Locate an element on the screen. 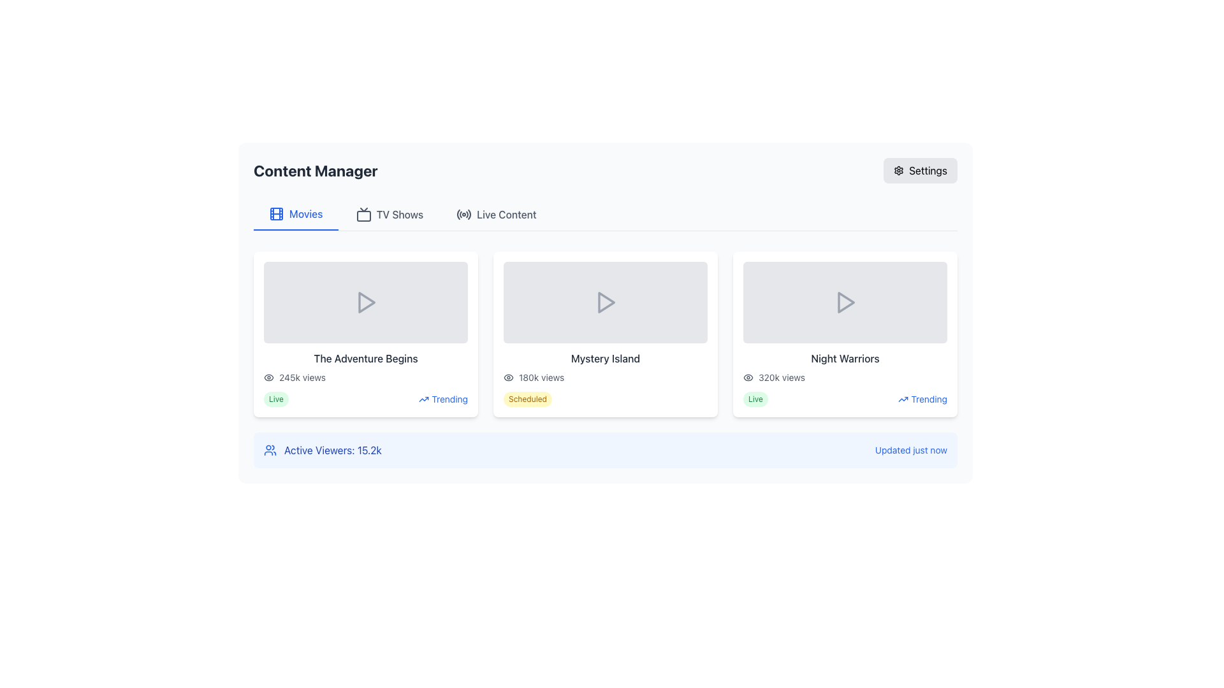 The width and height of the screenshot is (1224, 688). the color coding of the Status label with the text 'Live', which is a small, rounded rectangular label with a green background located at the bottom-left corner of the card titled 'The Adventure Begins' is located at coordinates (275, 399).